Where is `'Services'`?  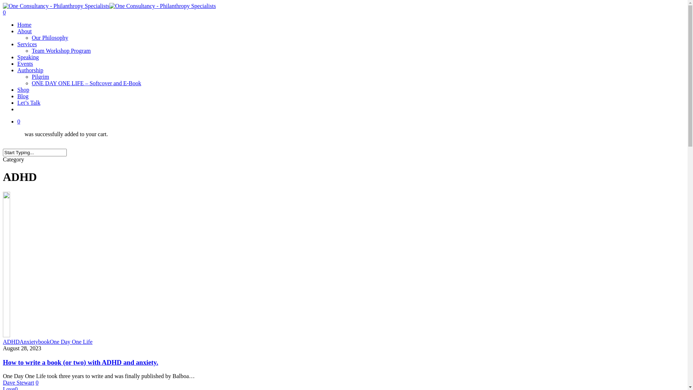 'Services' is located at coordinates (27, 44).